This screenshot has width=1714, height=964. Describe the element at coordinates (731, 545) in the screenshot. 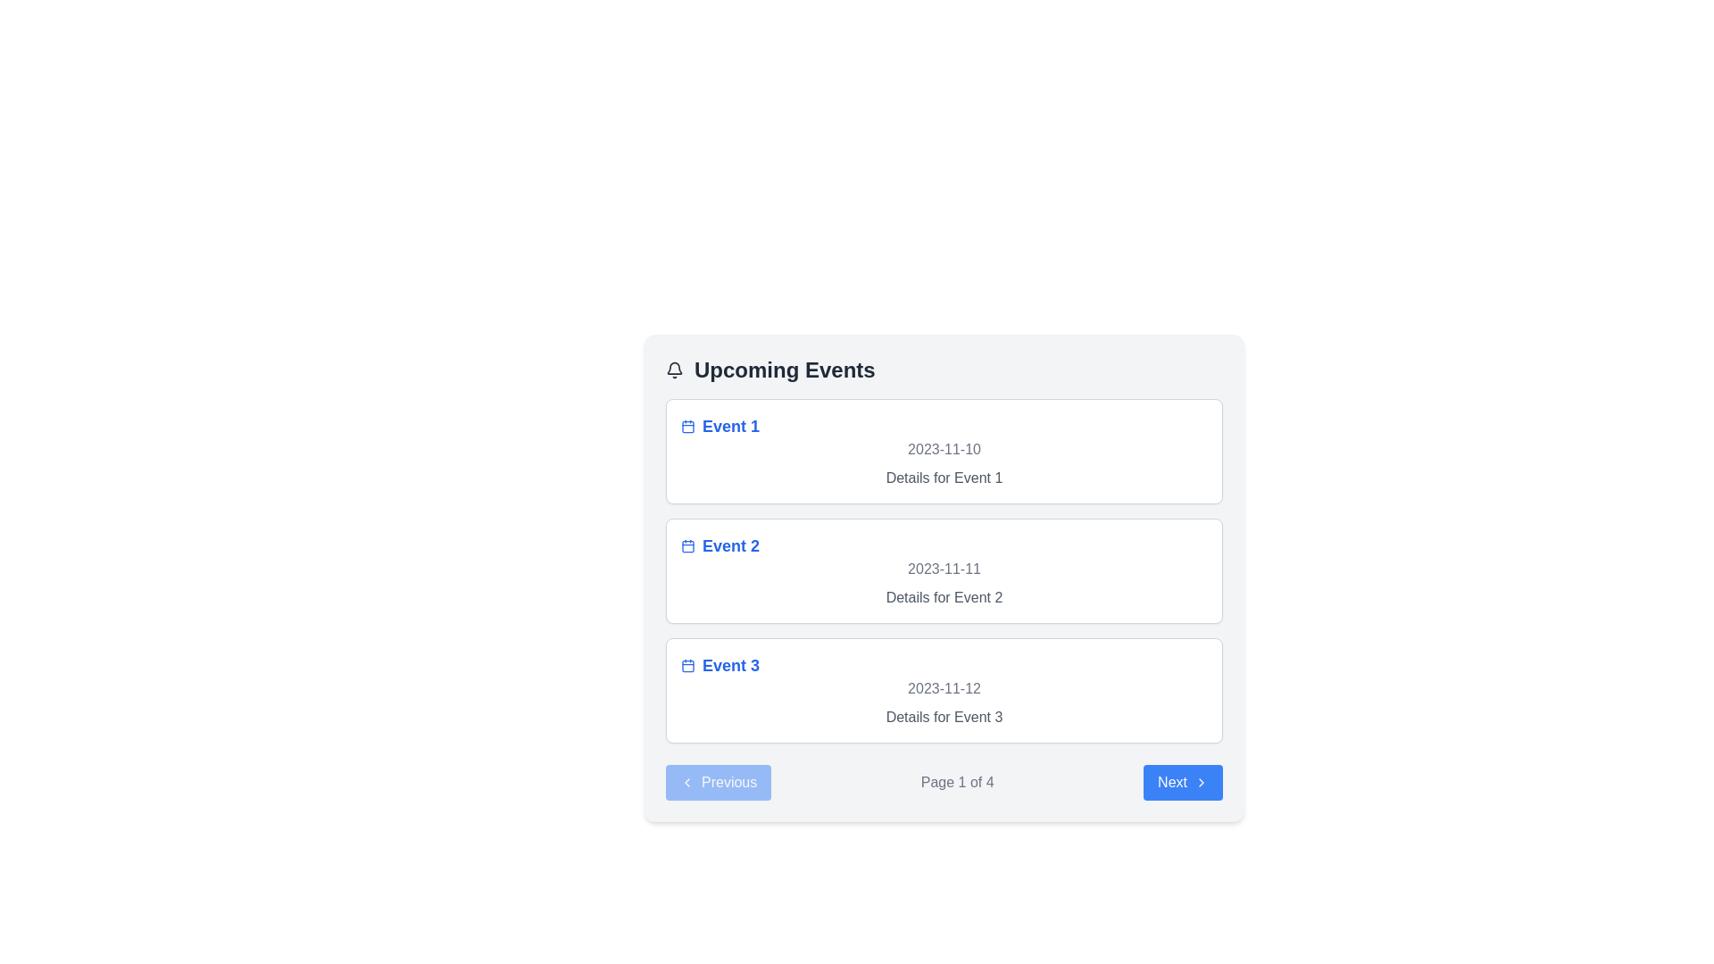

I see `text of the second event label located between 'Event 1' and 'Event 3' in the vertical list of events` at that location.